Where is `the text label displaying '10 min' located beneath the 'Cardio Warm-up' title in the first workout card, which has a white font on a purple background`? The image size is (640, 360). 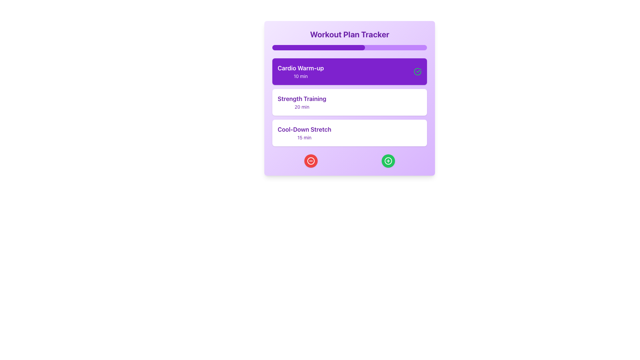 the text label displaying '10 min' located beneath the 'Cardio Warm-up' title in the first workout card, which has a white font on a purple background is located at coordinates (300, 76).